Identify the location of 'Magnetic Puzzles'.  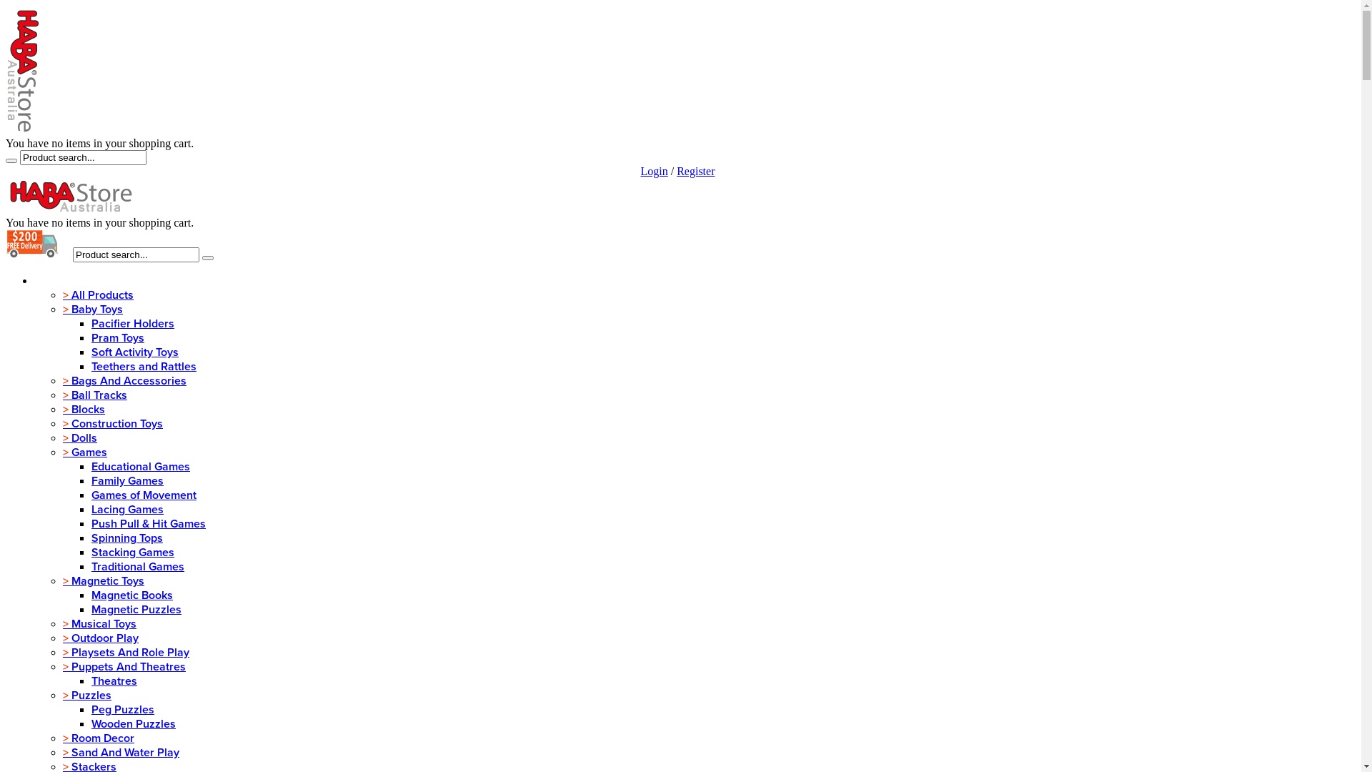
(91, 609).